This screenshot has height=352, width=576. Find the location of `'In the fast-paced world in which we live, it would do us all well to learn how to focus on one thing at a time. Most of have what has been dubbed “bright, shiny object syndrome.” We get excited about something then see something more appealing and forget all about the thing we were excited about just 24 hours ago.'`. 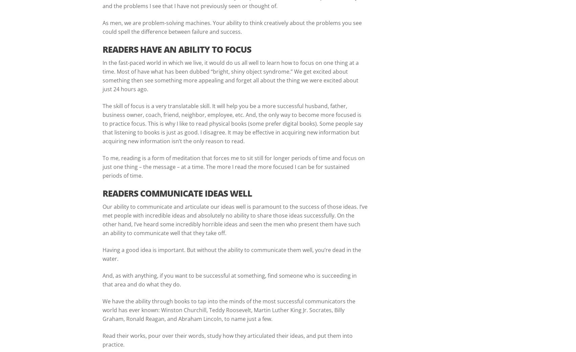

'In the fast-paced world in which we live, it would do us all well to learn how to focus on one thing at a time. Most of have what has been dubbed “bright, shiny object syndrome.” We get excited about something then see something more appealing and forget all about the thing we were excited about just 24 hours ago.' is located at coordinates (230, 75).